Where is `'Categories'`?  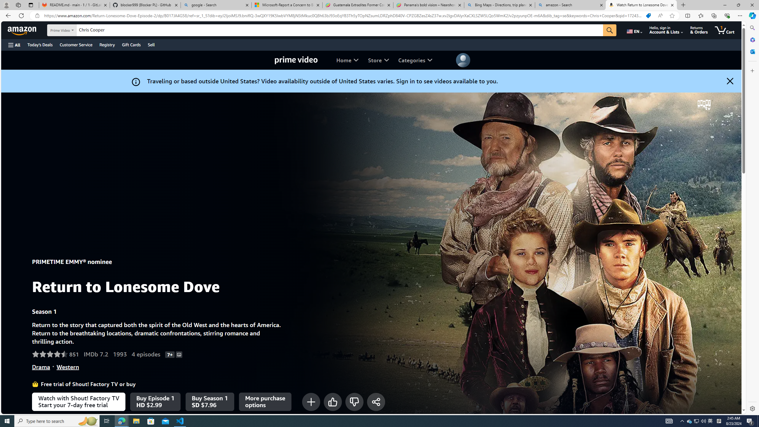
'Categories' is located at coordinates (415, 60).